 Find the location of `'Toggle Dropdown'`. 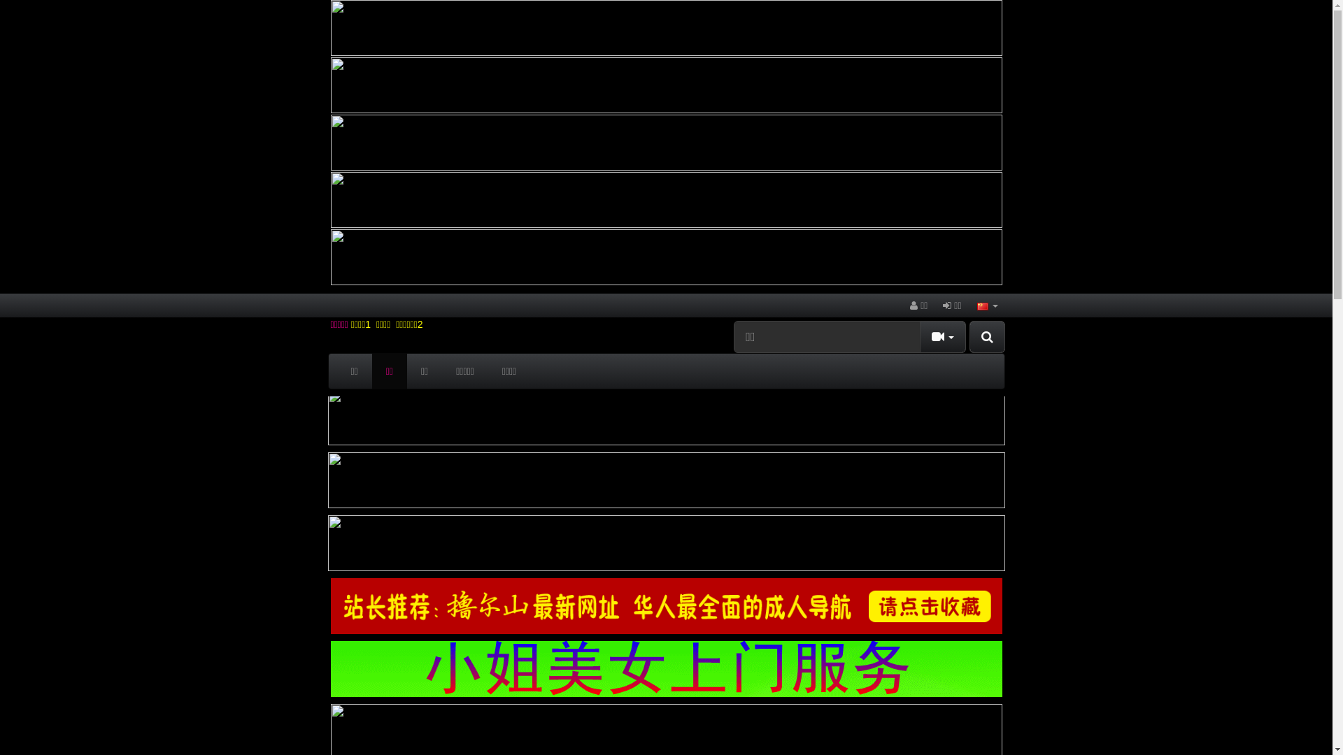

'Toggle Dropdown' is located at coordinates (942, 337).